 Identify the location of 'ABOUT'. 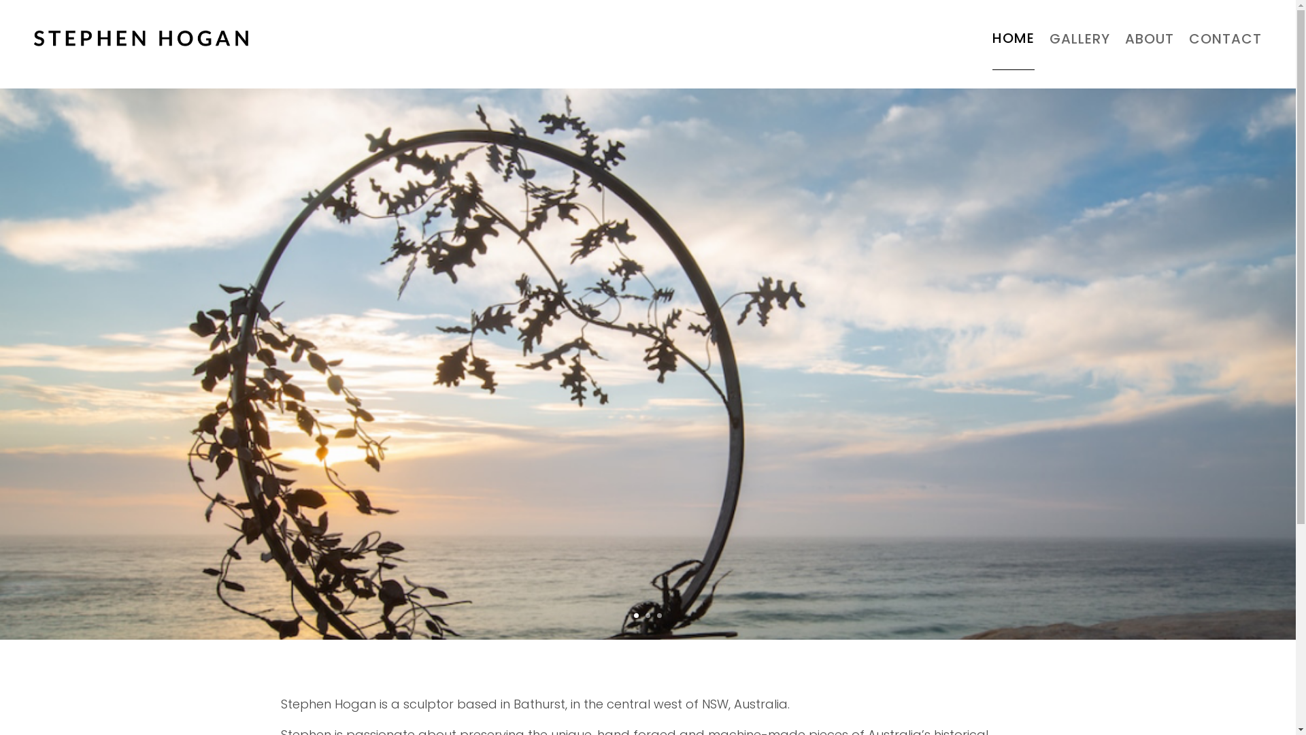
(1125, 37).